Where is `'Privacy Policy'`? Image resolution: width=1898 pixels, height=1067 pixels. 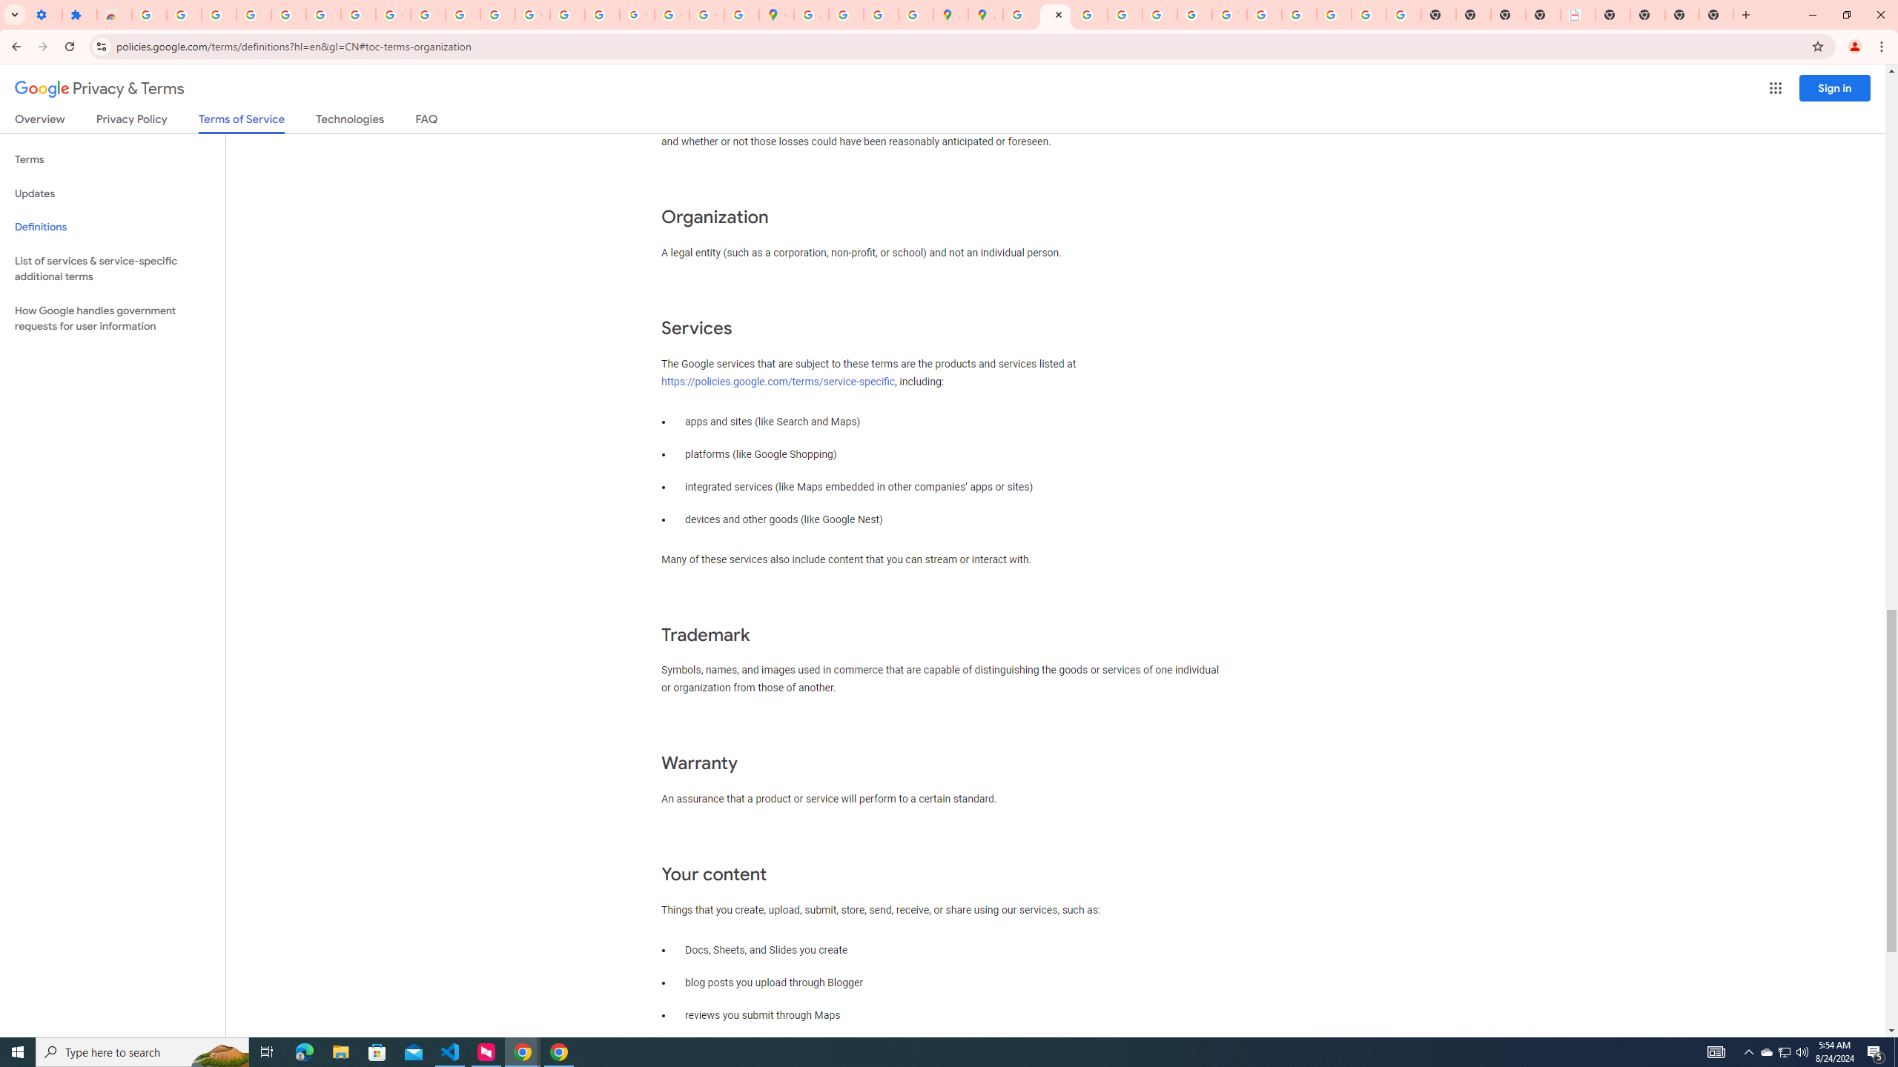 'Privacy Policy' is located at coordinates (130, 122).